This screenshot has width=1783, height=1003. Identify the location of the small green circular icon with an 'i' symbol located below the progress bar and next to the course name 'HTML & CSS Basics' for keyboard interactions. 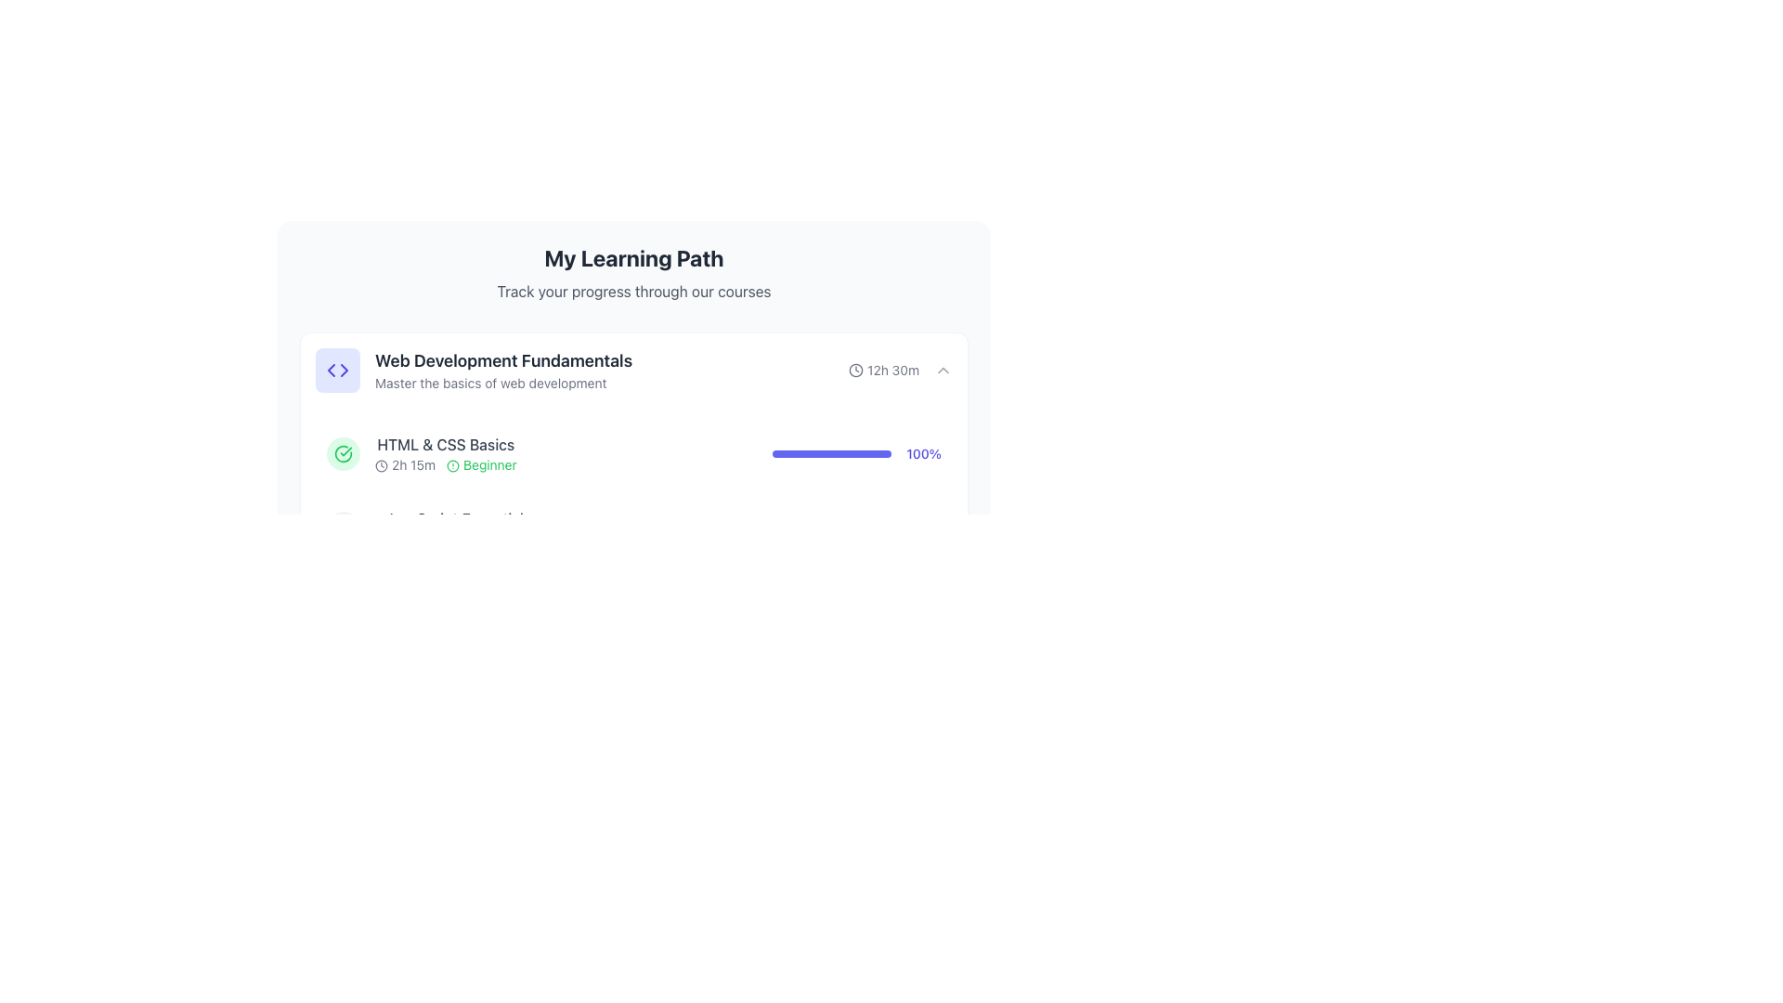
(455, 805).